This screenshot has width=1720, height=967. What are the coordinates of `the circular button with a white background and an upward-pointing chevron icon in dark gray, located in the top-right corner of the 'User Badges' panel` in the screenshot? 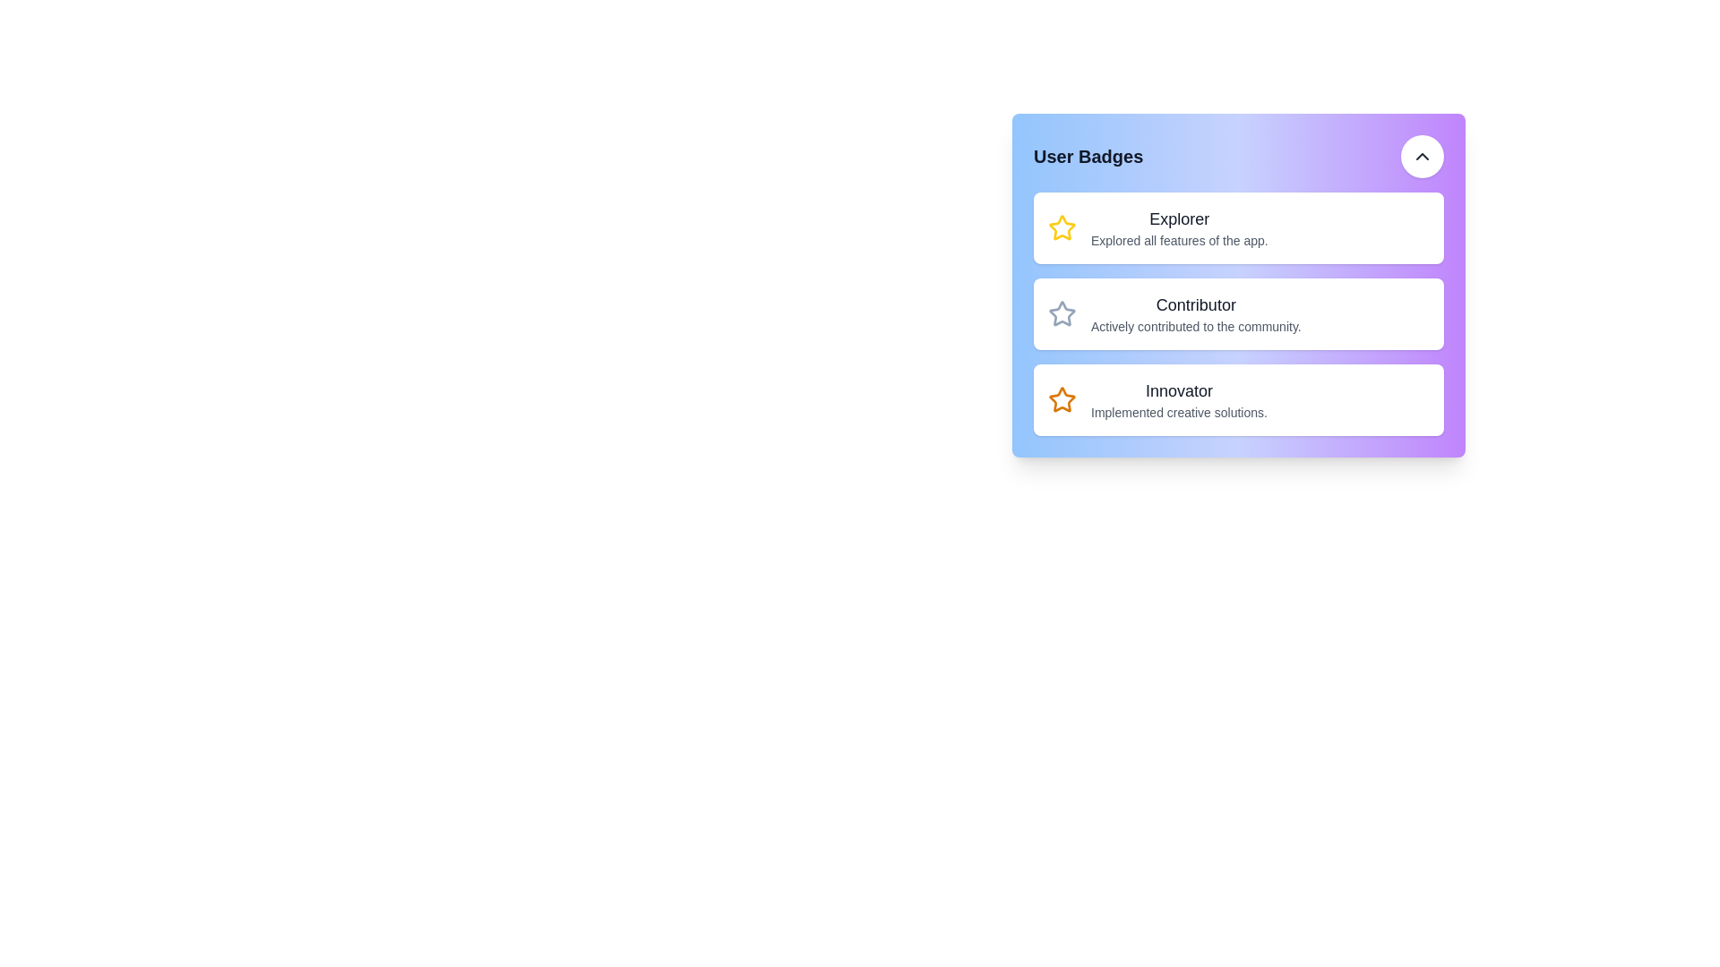 It's located at (1422, 155).